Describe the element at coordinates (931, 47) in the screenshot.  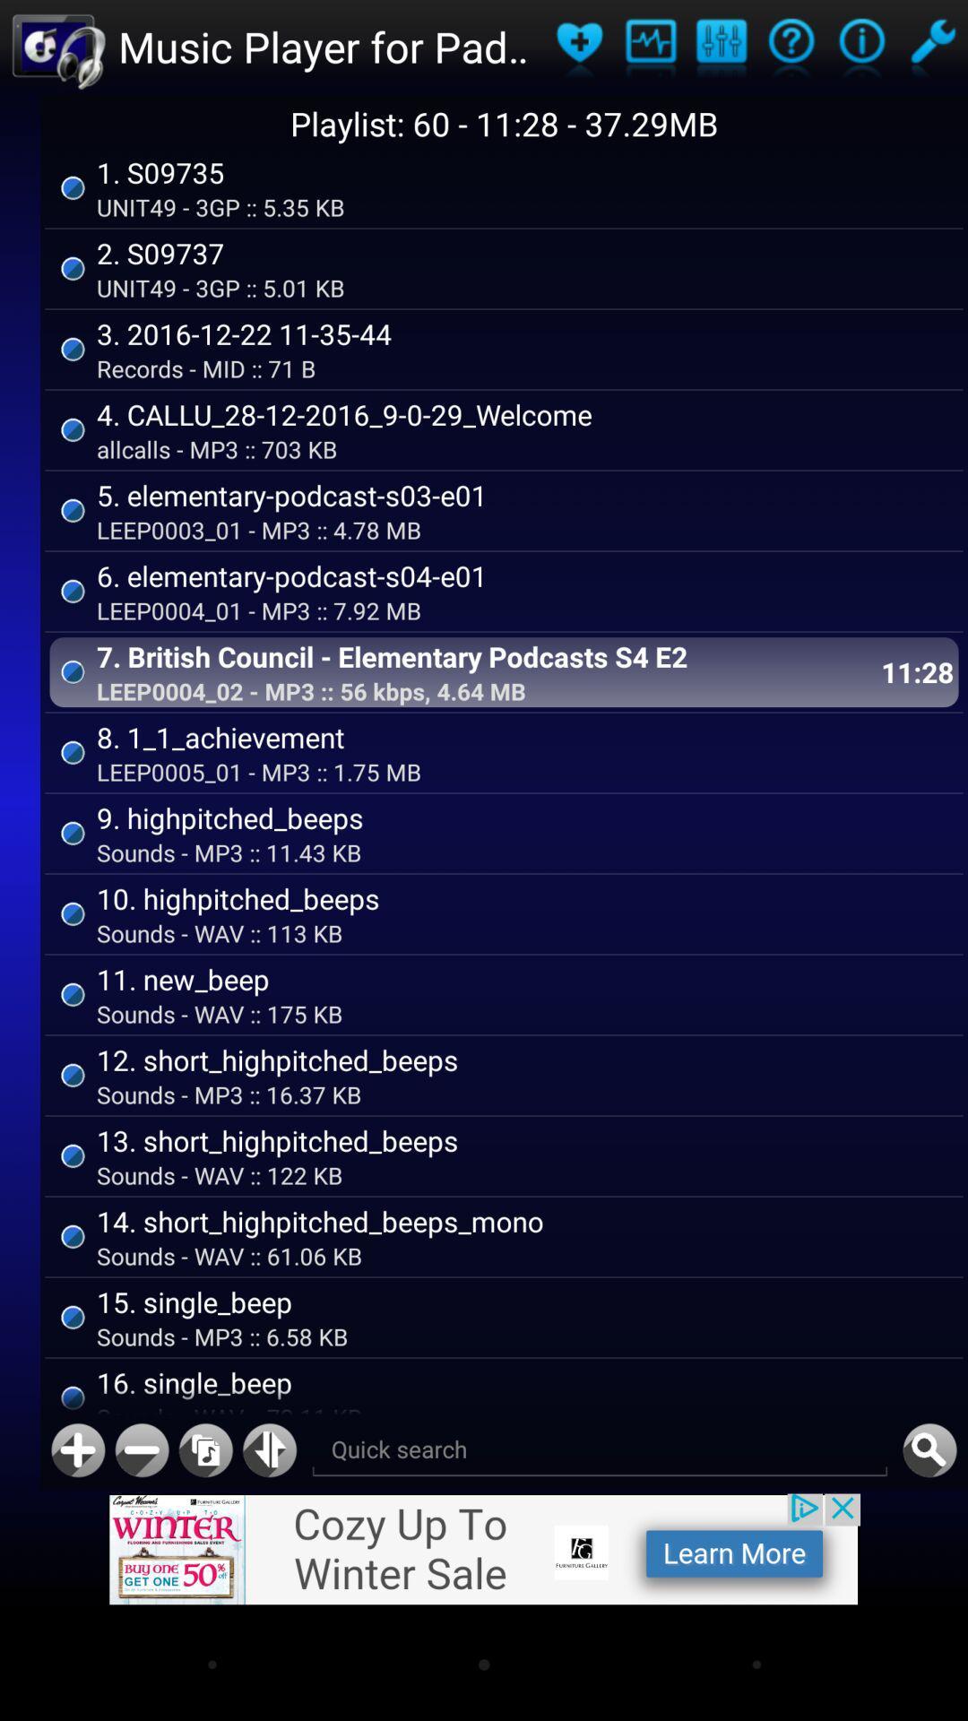
I see `setting option` at that location.